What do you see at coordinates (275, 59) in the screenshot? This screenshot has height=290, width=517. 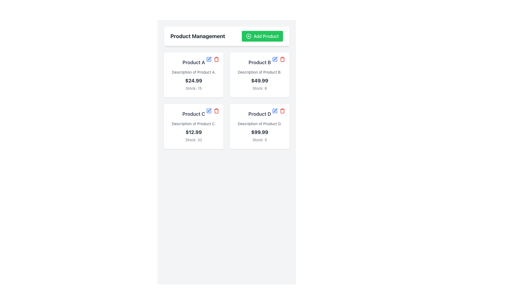 I see `the editing icon in the top-right corner of the 'Product B' card` at bounding box center [275, 59].